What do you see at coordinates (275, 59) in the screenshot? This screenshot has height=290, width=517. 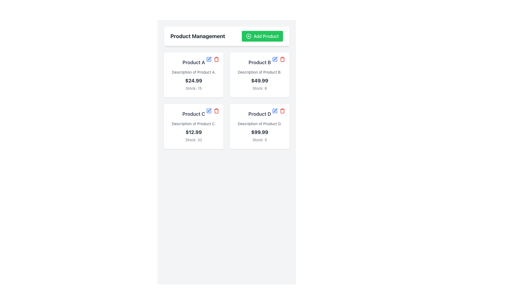 I see `the editing icon in the top-right corner of the 'Product B' card` at bounding box center [275, 59].